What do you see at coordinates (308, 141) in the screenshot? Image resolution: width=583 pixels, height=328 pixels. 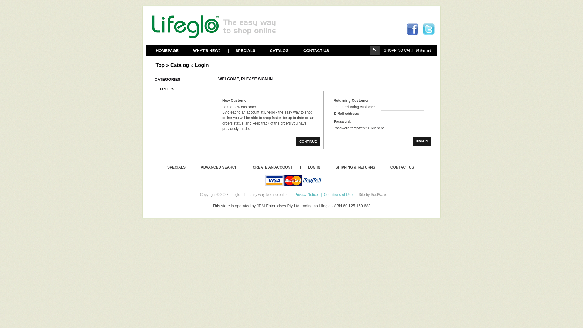 I see `'CONTINUE'` at bounding box center [308, 141].